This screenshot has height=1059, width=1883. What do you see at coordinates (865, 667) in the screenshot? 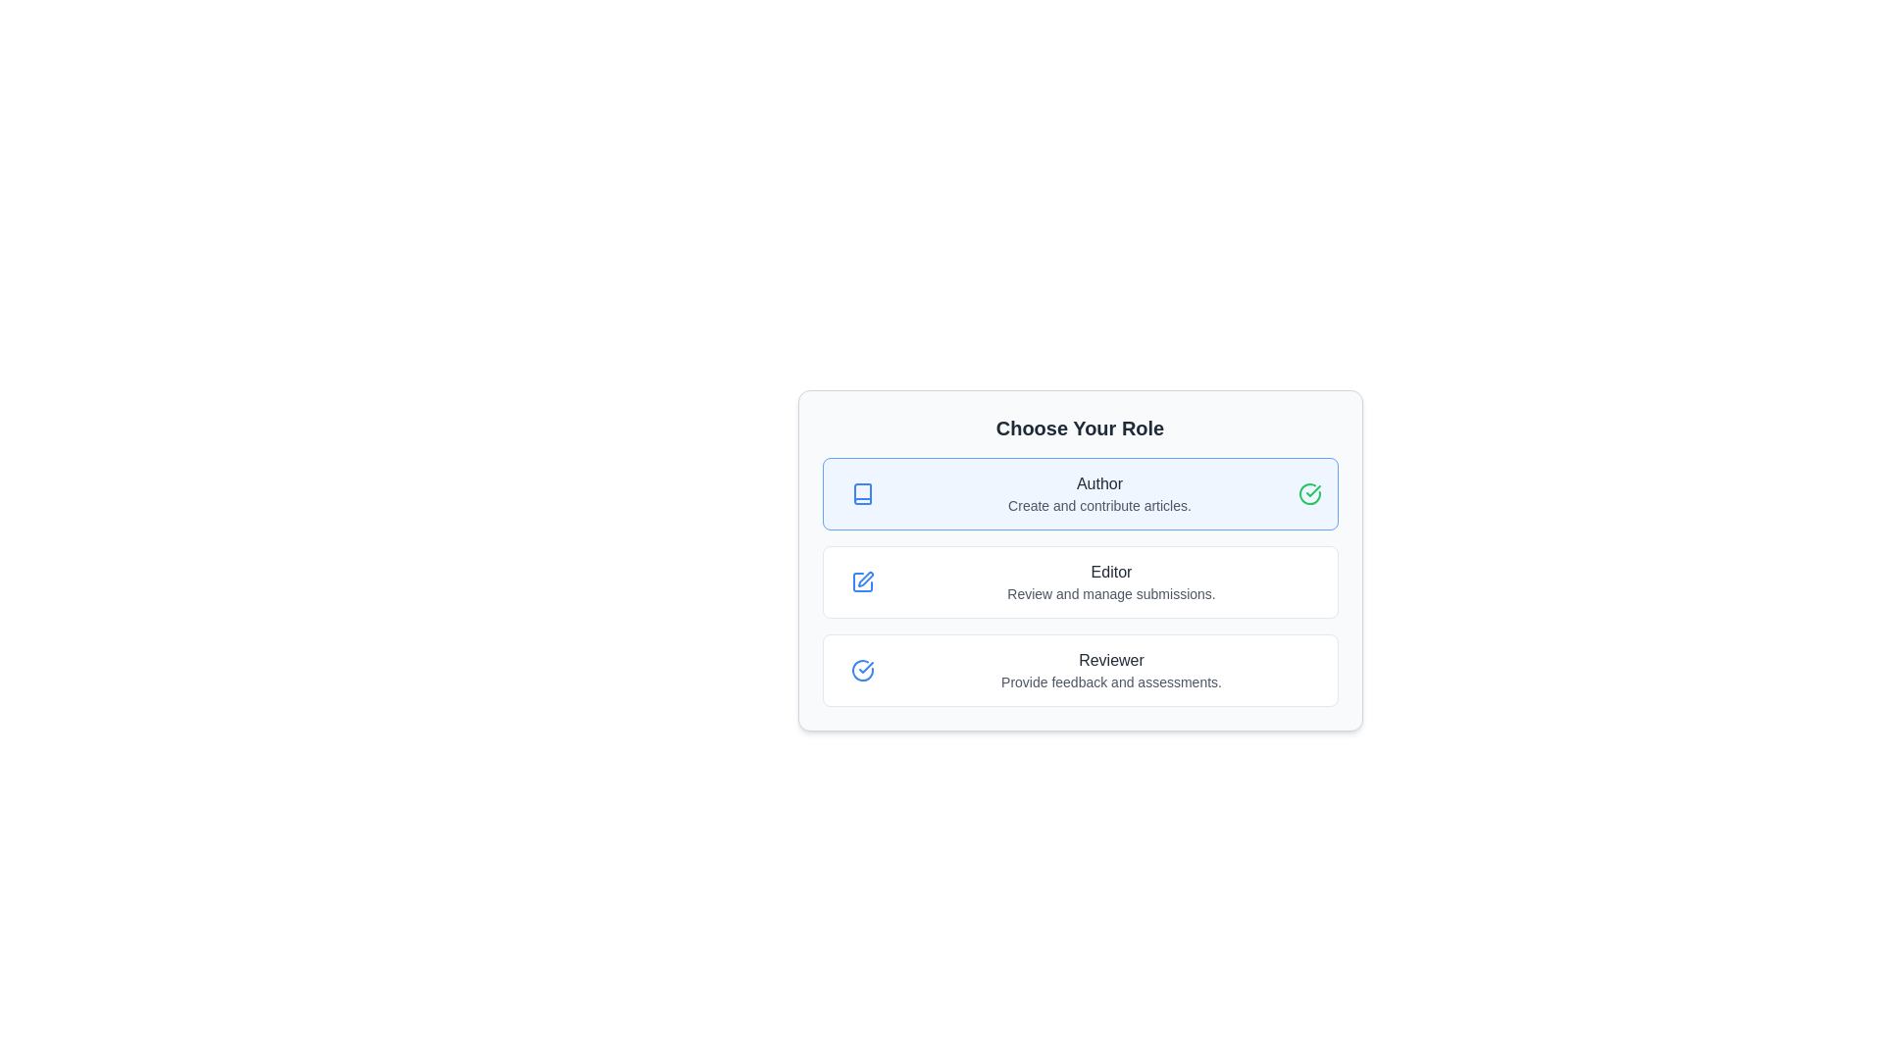
I see `the checkmark icon within the SVG graphic that is part of the circular boundary associated with the 'Author' role selection option` at bounding box center [865, 667].